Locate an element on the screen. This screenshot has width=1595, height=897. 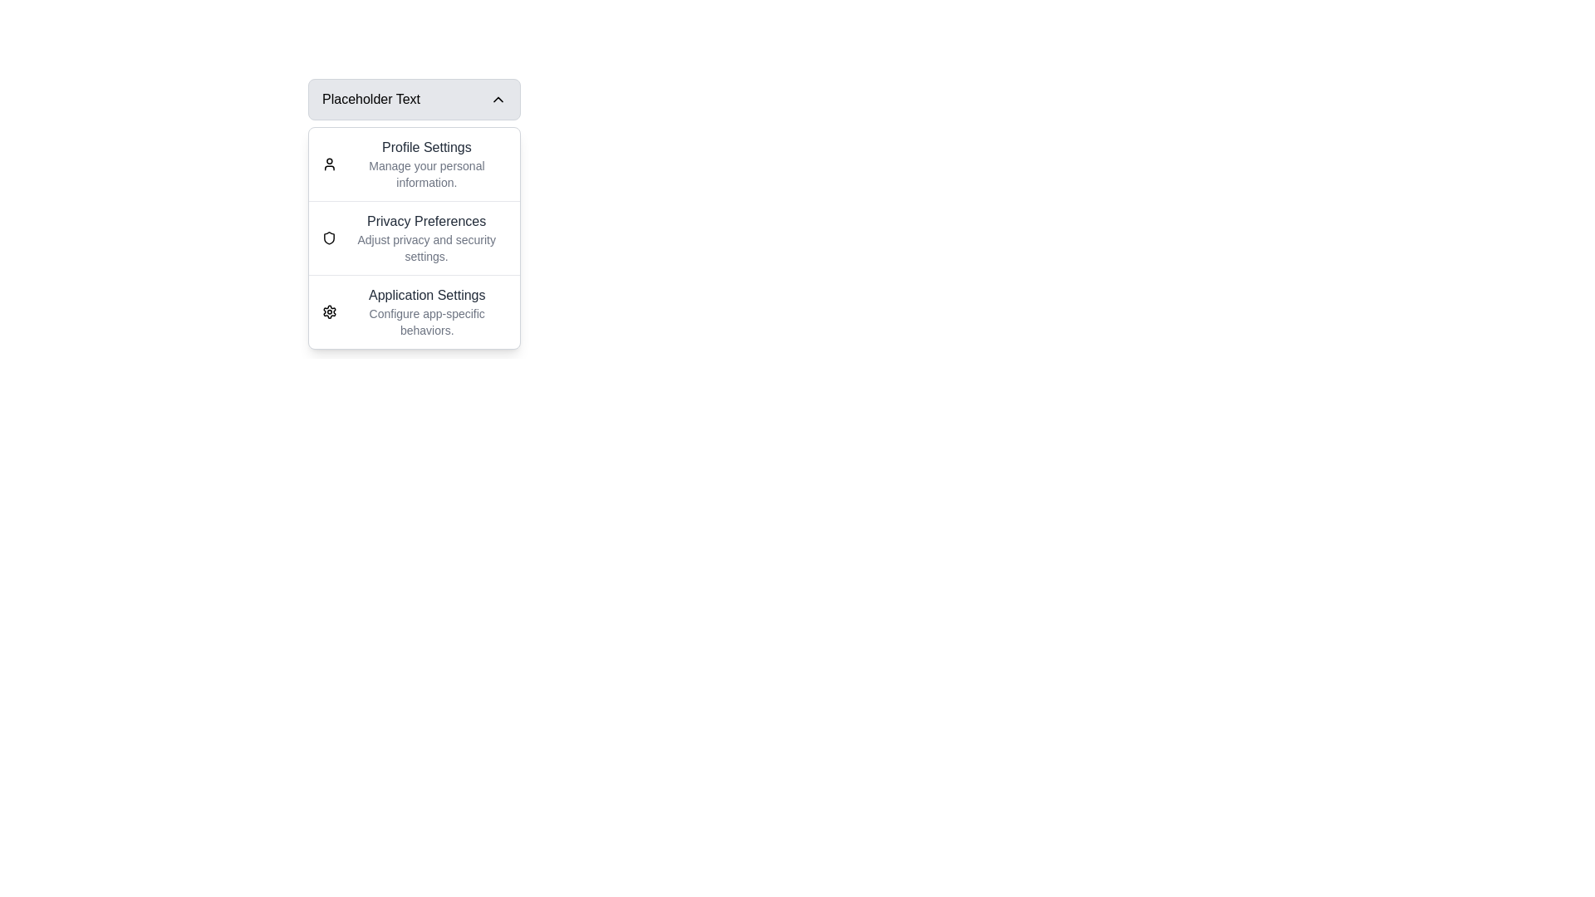
the shield icon located to the left of the 'Privacy Preferences' text in the second option of the vertical menu is located at coordinates (329, 238).